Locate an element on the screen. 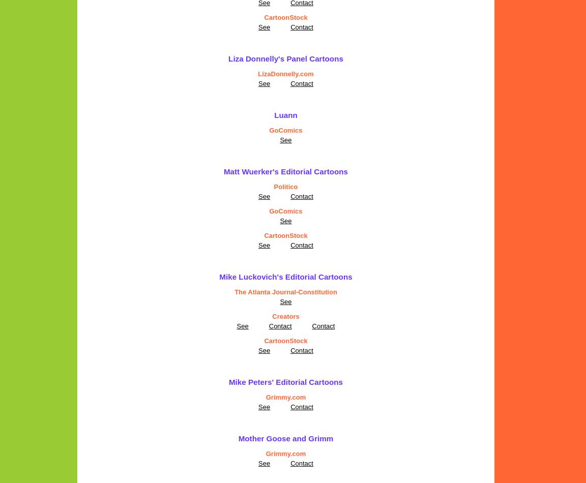 This screenshot has width=586, height=483. 'Matt Wuerker's Editorial Cartoons' is located at coordinates (223, 171).